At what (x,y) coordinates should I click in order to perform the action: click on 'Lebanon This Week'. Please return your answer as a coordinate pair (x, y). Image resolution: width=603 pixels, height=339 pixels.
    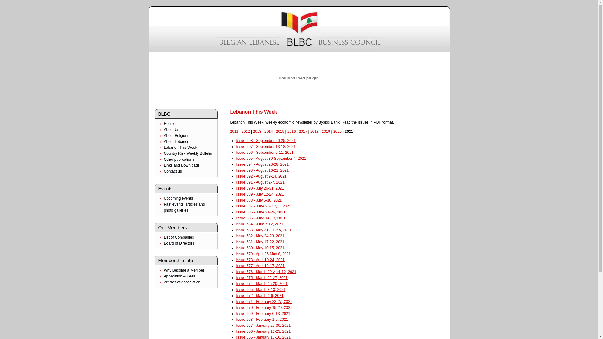
    Looking at the image, I should click on (180, 148).